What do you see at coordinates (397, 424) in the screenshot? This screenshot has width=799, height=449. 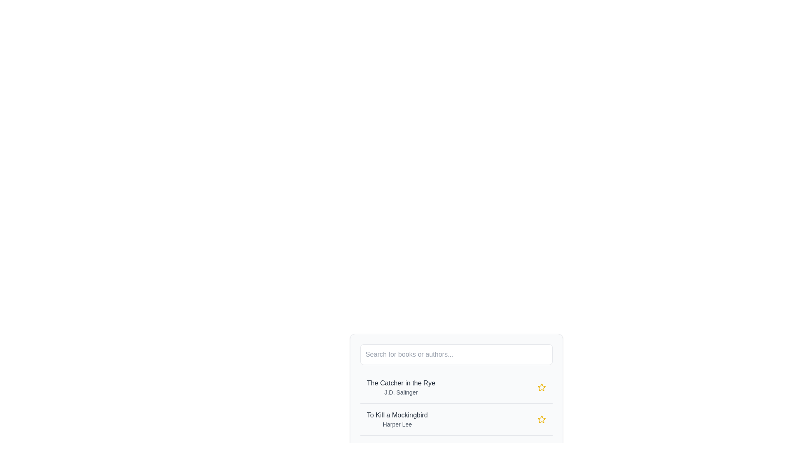 I see `the static text label displaying the author's name for the book 'To Kill a Mockingbird', located directly underneath the book title in the list layout` at bounding box center [397, 424].